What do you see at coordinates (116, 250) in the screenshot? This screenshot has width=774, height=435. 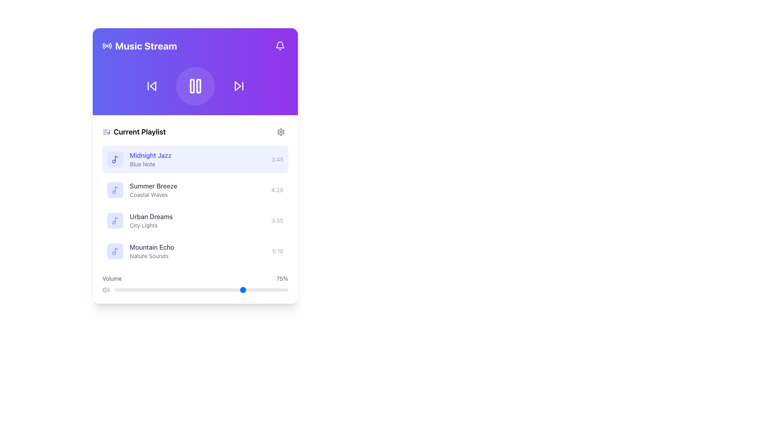 I see `attributes of the main body of the music note icon associated with the song title 'Mountain Echo' using developer tools` at bounding box center [116, 250].